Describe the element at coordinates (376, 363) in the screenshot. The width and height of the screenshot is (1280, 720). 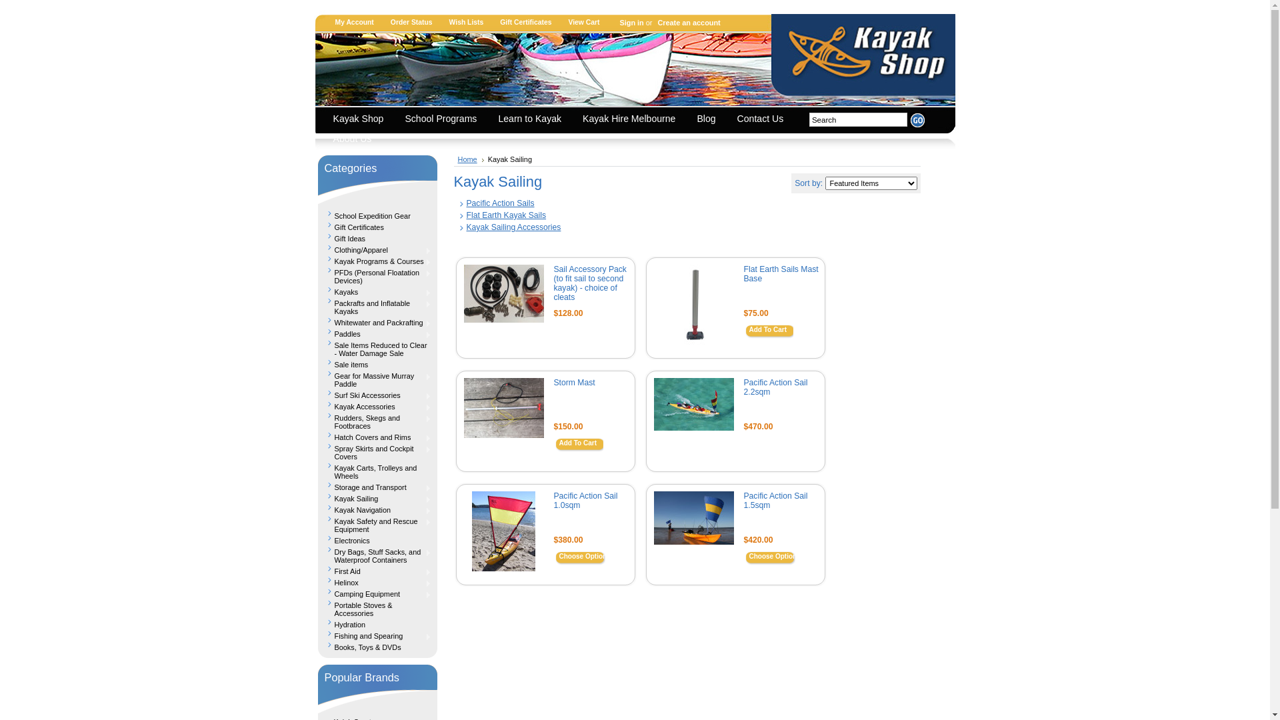
I see `'Sale items'` at that location.